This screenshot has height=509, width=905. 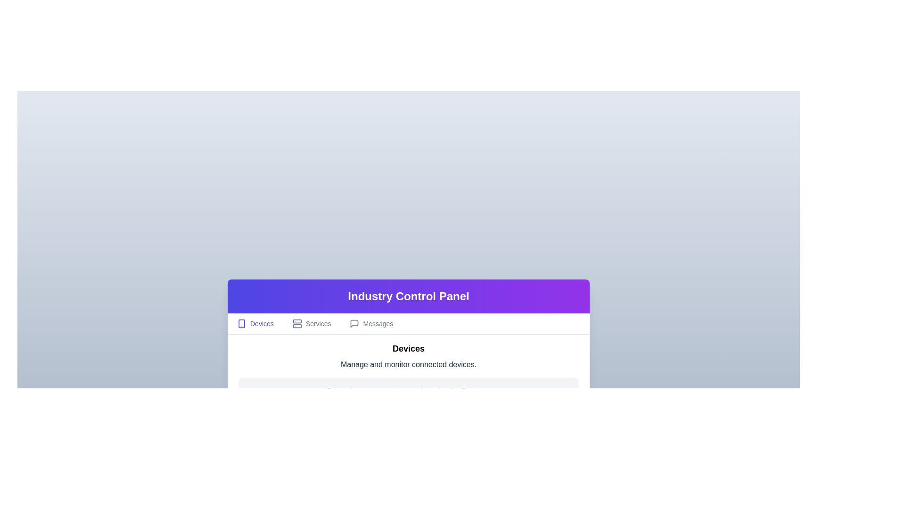 What do you see at coordinates (255, 323) in the screenshot?
I see `the Devices tab` at bounding box center [255, 323].